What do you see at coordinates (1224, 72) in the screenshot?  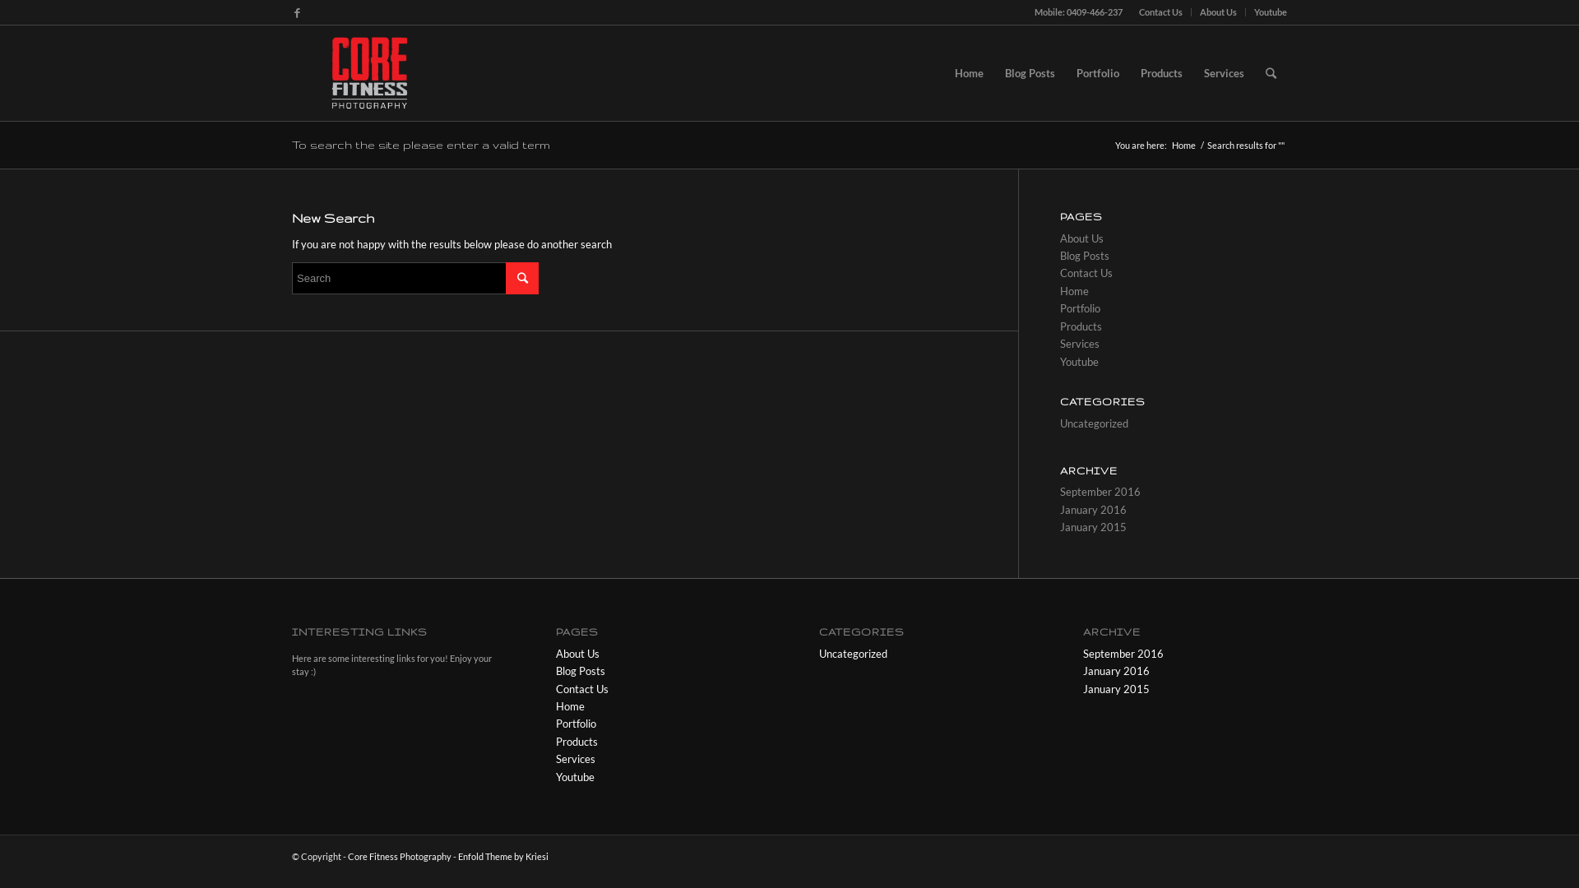 I see `'Services'` at bounding box center [1224, 72].